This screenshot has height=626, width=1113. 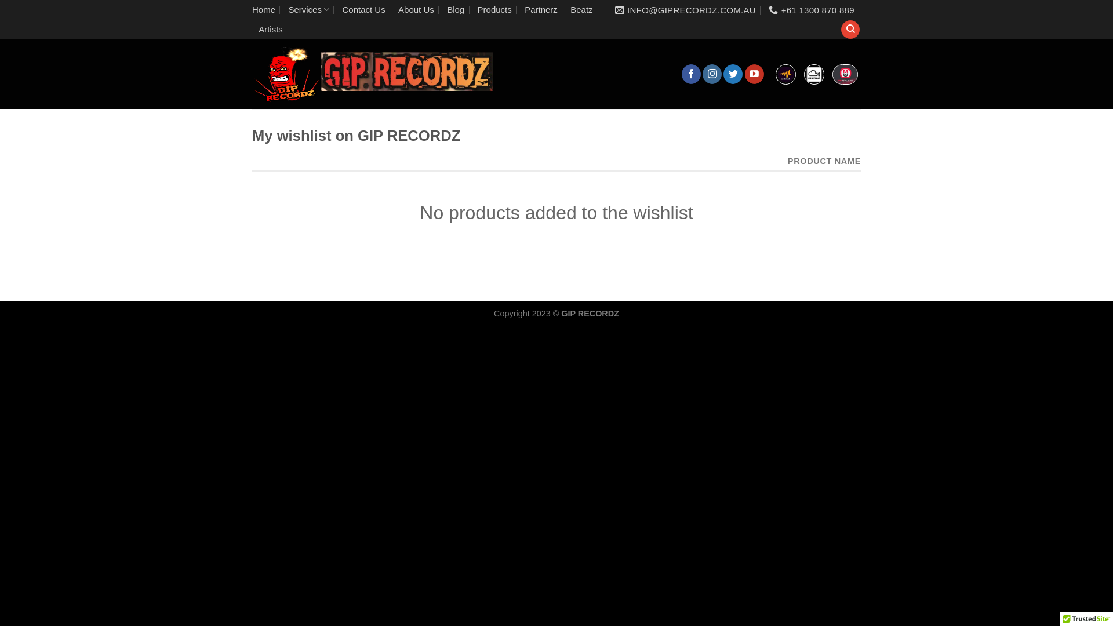 I want to click on 'Partnerz', so click(x=524, y=9).